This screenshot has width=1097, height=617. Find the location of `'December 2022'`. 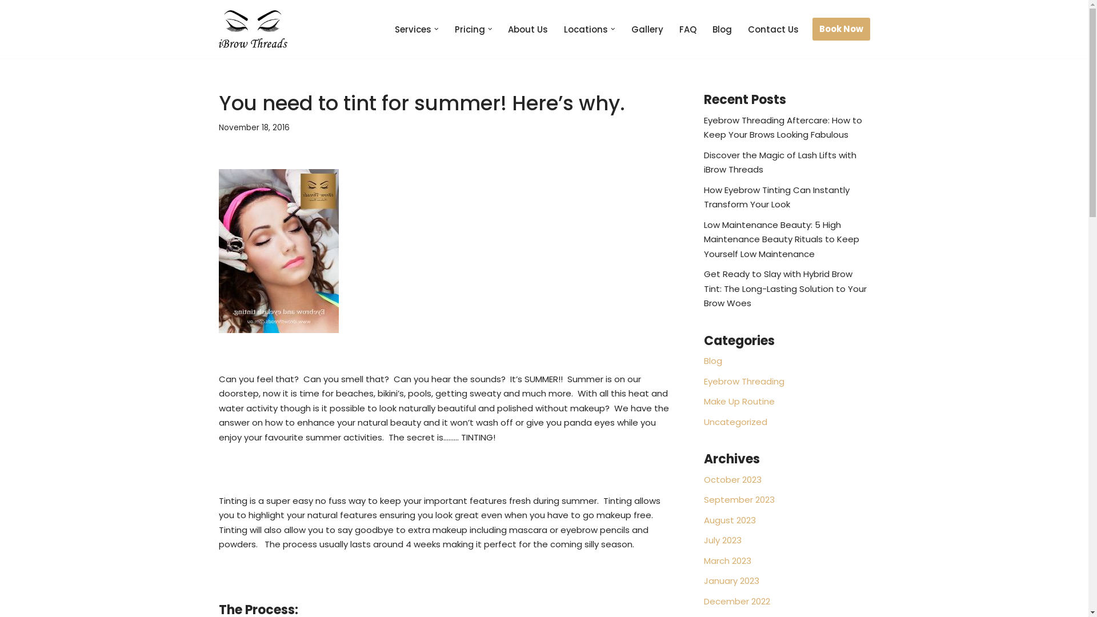

'December 2022' is located at coordinates (703, 600).